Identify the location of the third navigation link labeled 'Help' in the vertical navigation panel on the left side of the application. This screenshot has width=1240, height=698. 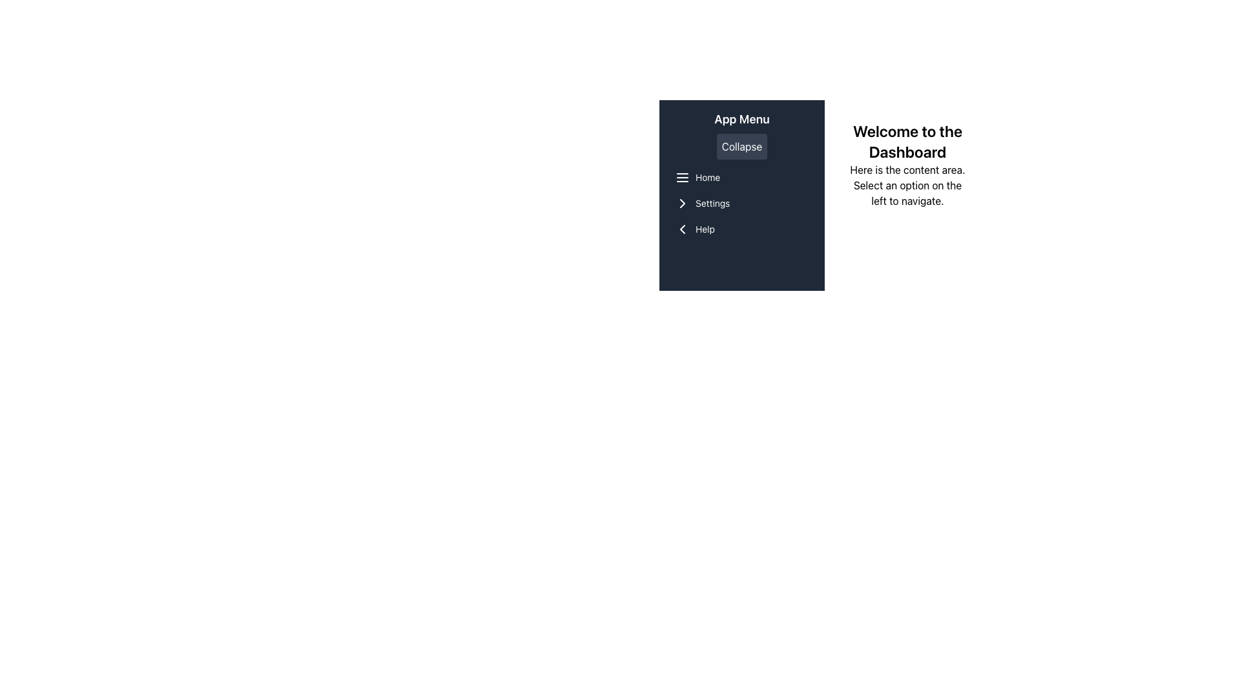
(741, 228).